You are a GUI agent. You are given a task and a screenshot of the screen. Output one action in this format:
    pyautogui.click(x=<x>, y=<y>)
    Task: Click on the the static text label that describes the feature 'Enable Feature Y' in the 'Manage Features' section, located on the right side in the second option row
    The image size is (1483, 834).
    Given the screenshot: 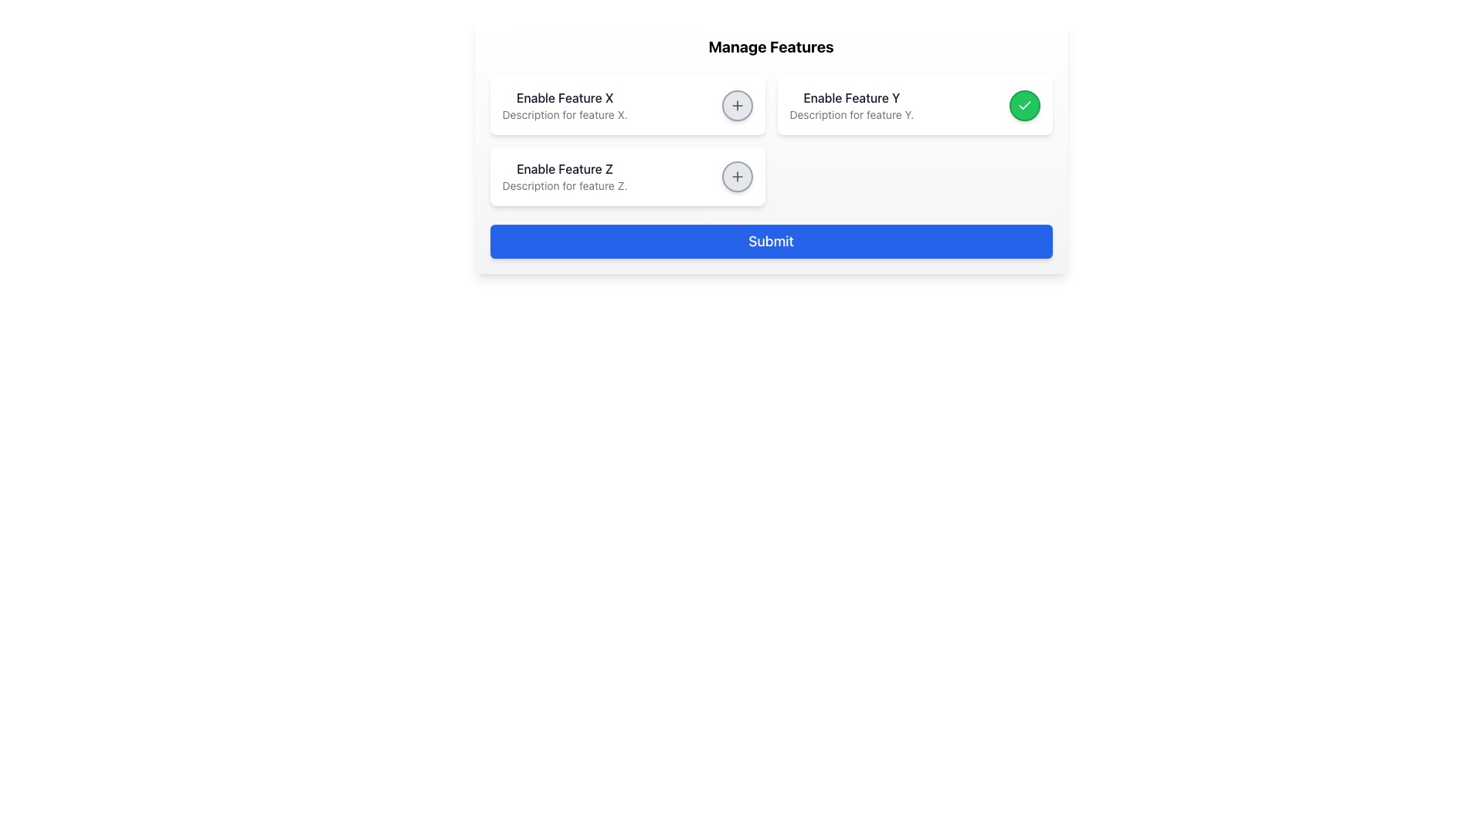 What is the action you would take?
    pyautogui.click(x=850, y=98)
    